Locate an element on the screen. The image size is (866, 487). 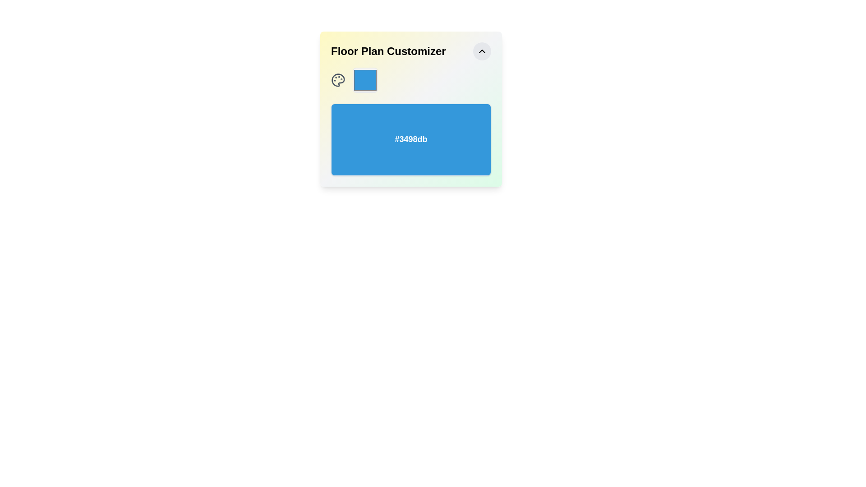
the Chevron-Up icon located in the top-right corner of the Floor Plan Customizer interface is located at coordinates (482, 51).